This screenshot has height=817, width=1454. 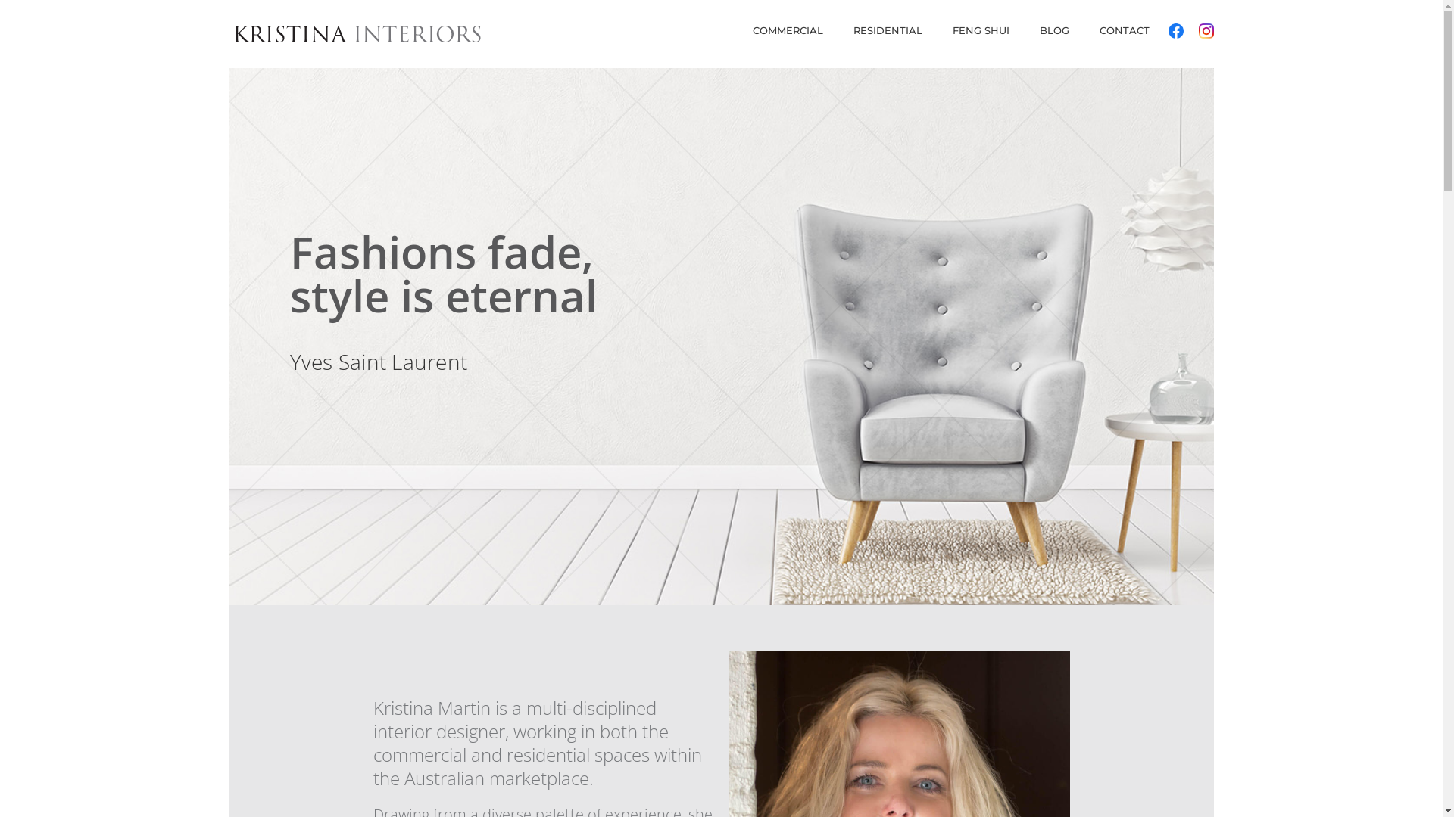 What do you see at coordinates (1053, 35) in the screenshot?
I see `'BLOG'` at bounding box center [1053, 35].